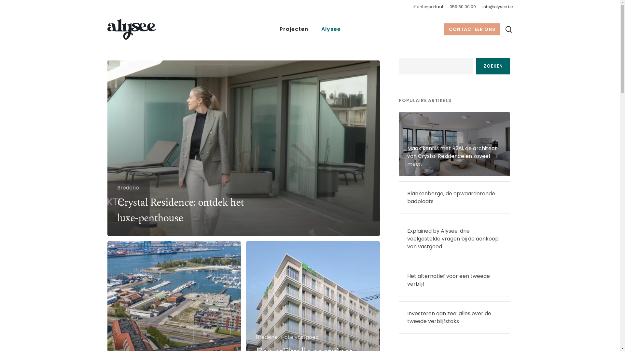  I want to click on 'Blankenberge, de opwaarderende badplaats', so click(454, 197).